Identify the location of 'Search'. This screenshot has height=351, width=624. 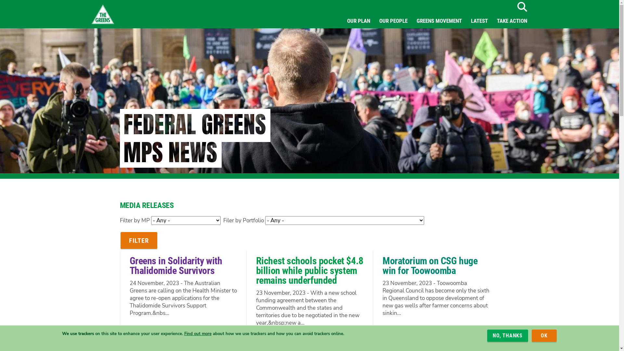
(522, 6).